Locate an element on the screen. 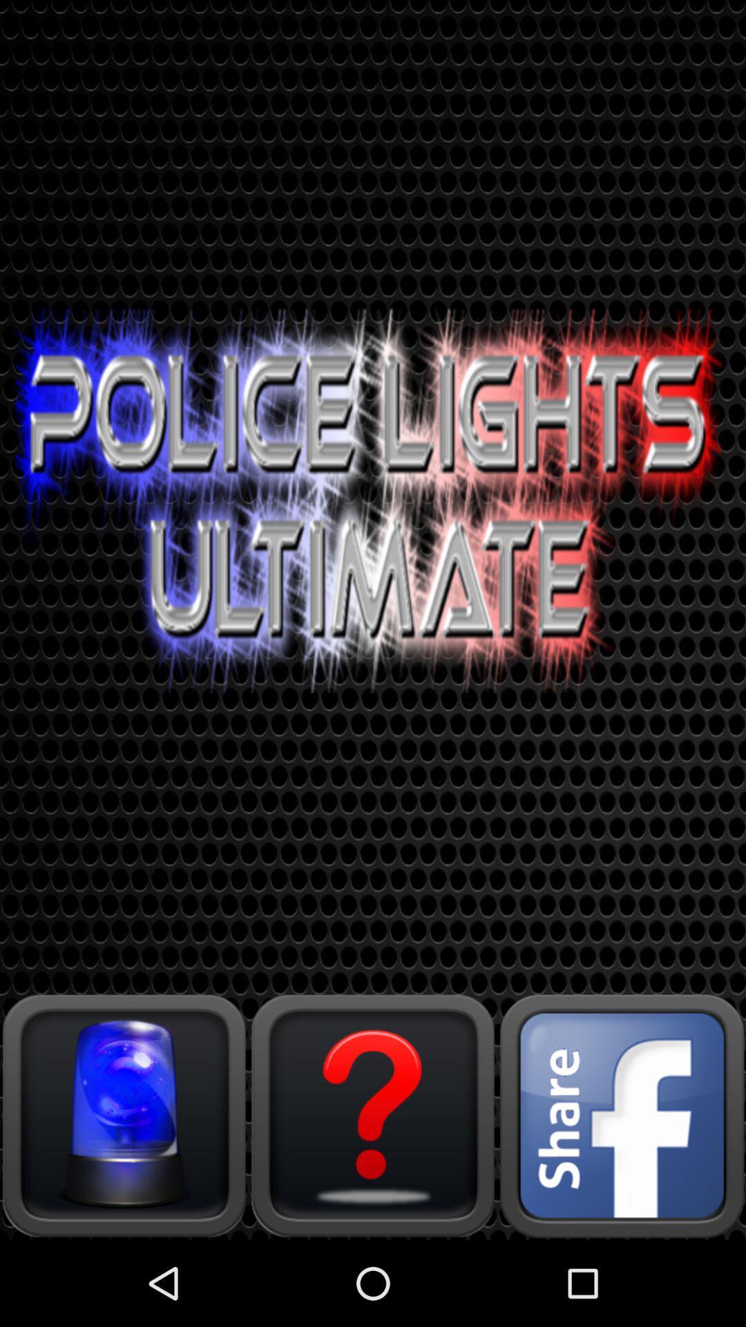  alarm option is located at coordinates (124, 1115).